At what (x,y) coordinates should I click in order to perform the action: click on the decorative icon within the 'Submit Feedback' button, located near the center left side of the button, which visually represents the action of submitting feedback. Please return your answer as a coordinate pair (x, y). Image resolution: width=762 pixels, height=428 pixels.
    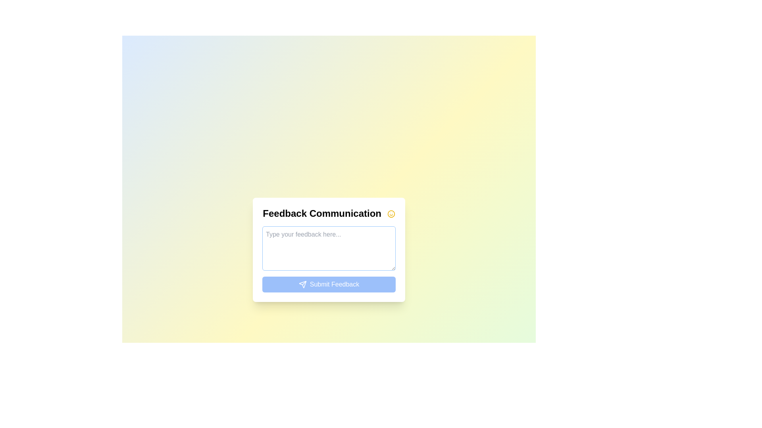
    Looking at the image, I should click on (302, 284).